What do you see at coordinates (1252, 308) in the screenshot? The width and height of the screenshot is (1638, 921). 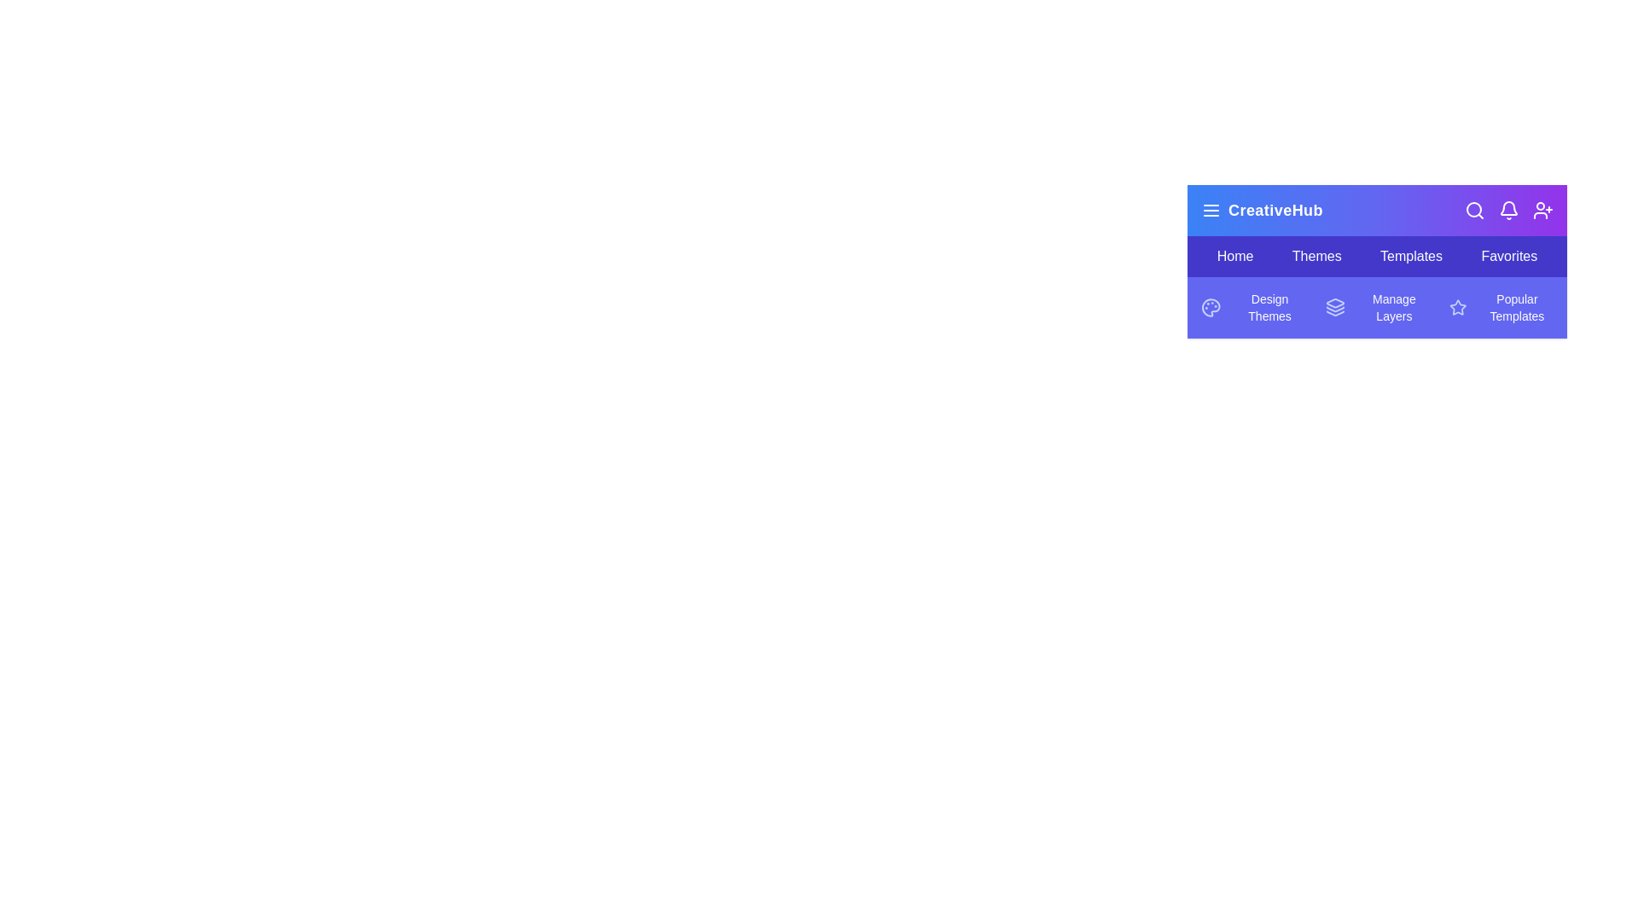 I see `the sub-menu option Design Themes` at bounding box center [1252, 308].